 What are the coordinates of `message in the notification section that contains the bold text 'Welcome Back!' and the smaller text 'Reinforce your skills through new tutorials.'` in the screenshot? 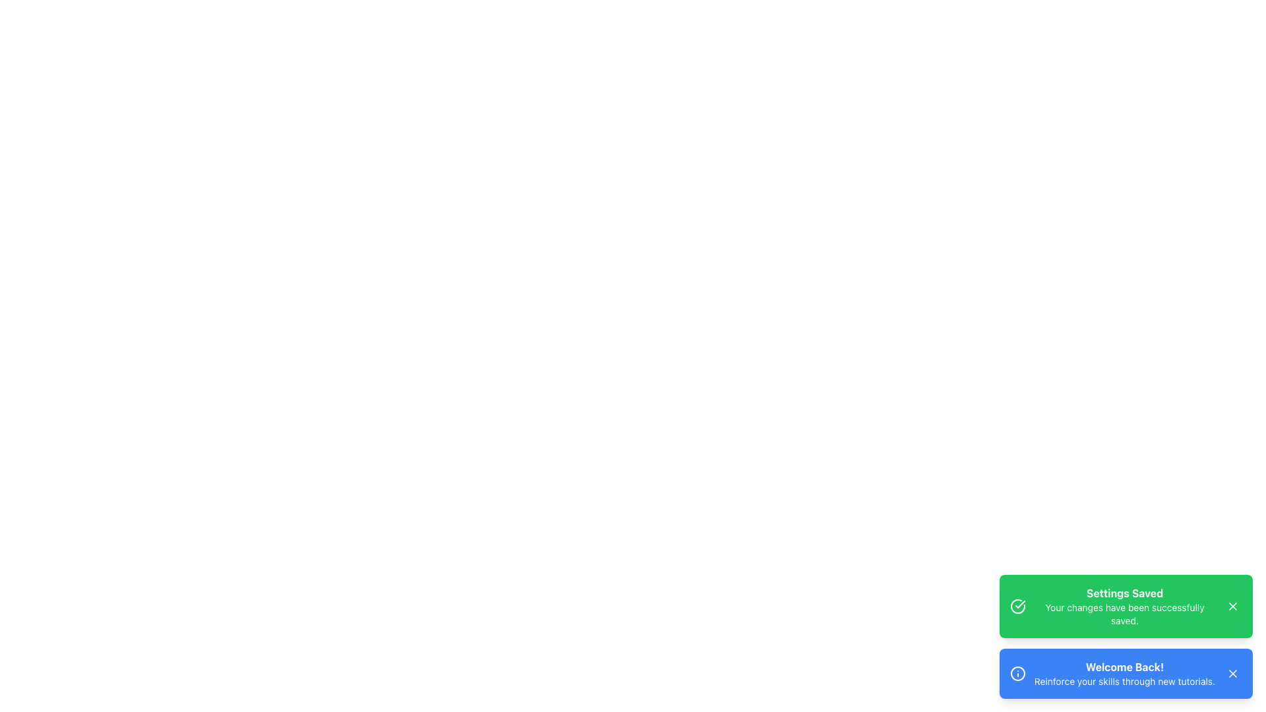 It's located at (1124, 674).